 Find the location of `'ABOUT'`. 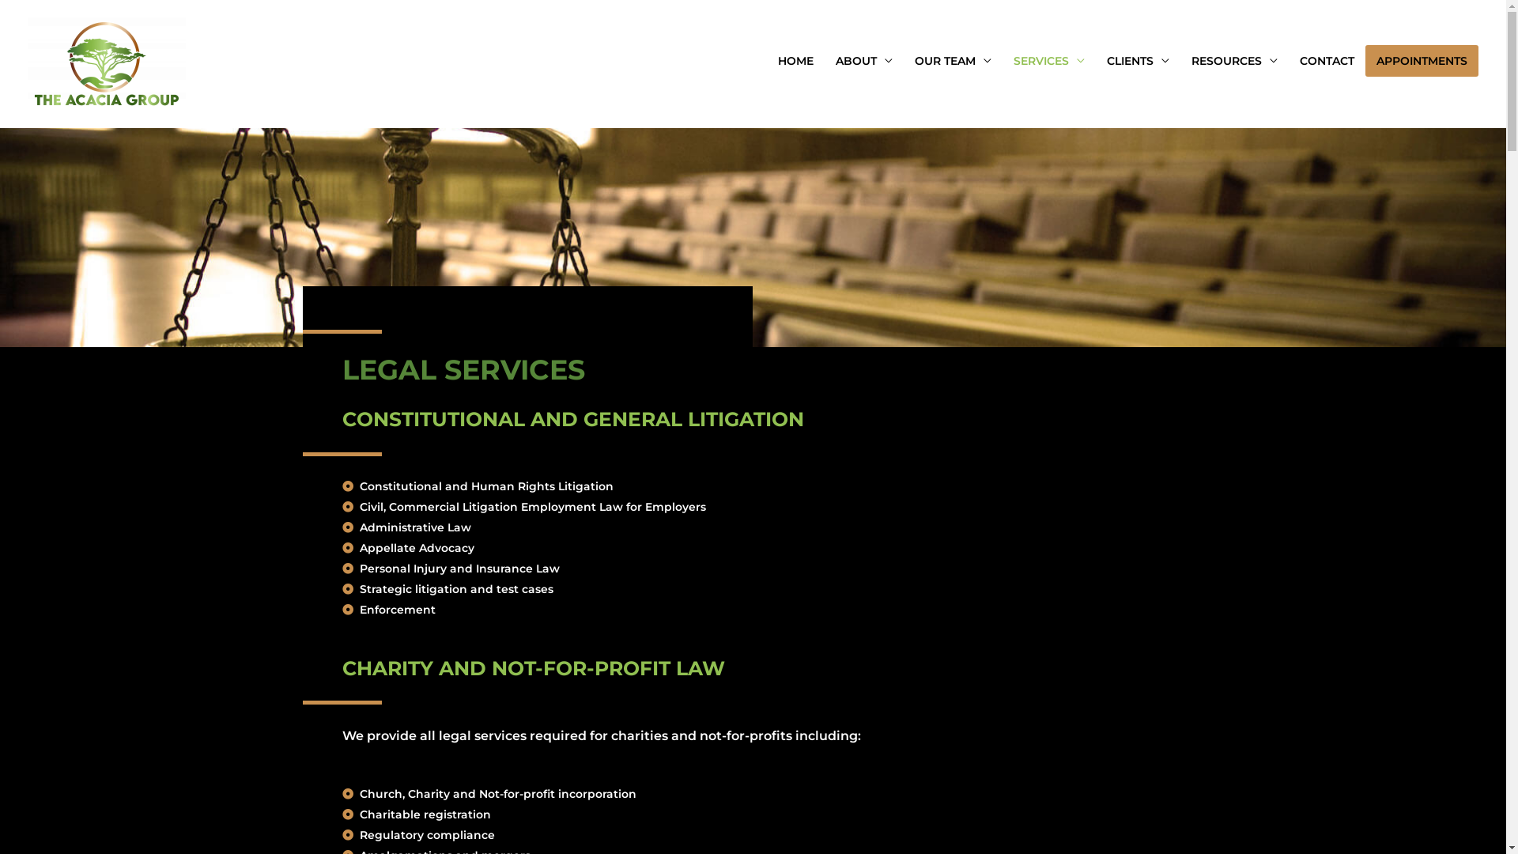

'ABOUT' is located at coordinates (863, 60).